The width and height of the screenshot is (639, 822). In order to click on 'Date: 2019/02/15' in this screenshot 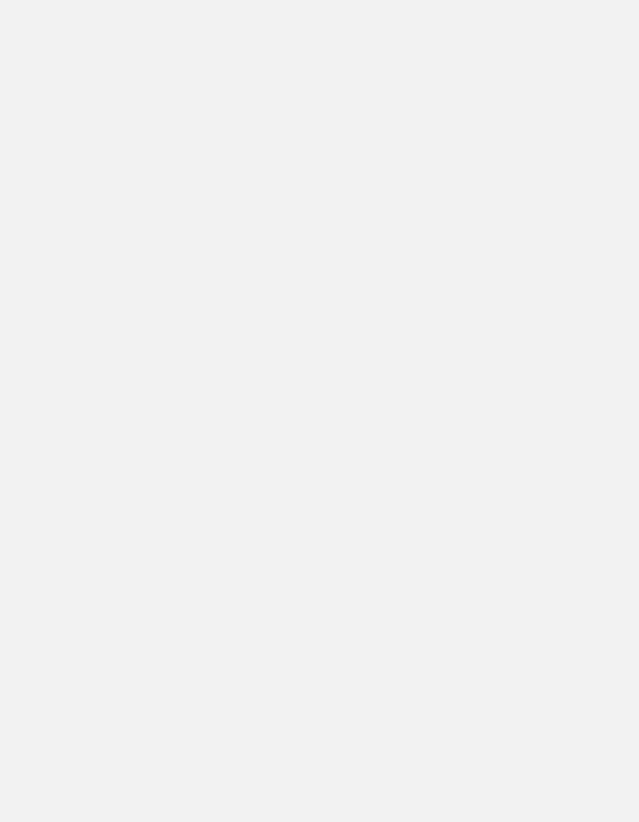, I will do `click(129, 179)`.